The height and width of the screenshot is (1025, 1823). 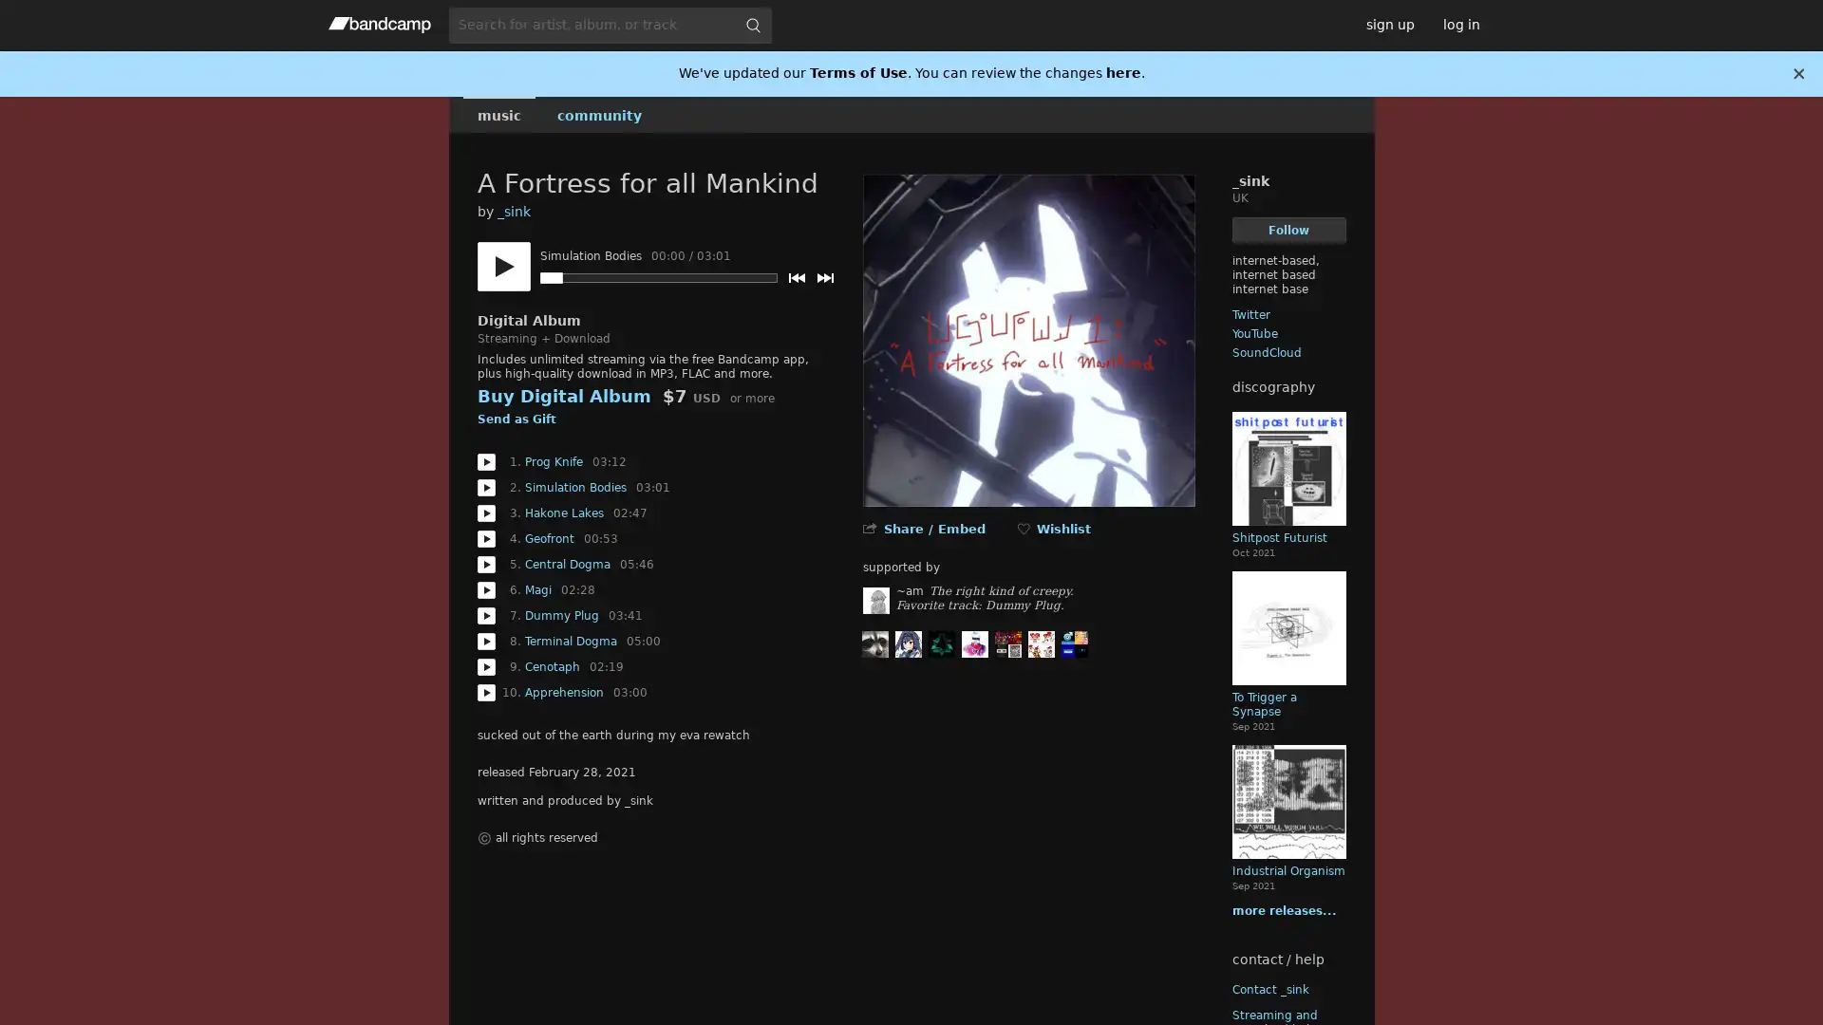 What do you see at coordinates (796, 278) in the screenshot?
I see `Previous track` at bounding box center [796, 278].